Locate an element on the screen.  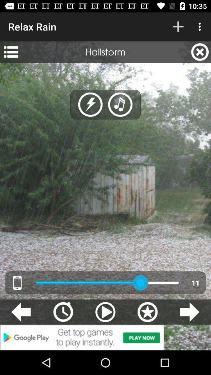
the icon next to hailstorm app is located at coordinates (200, 52).